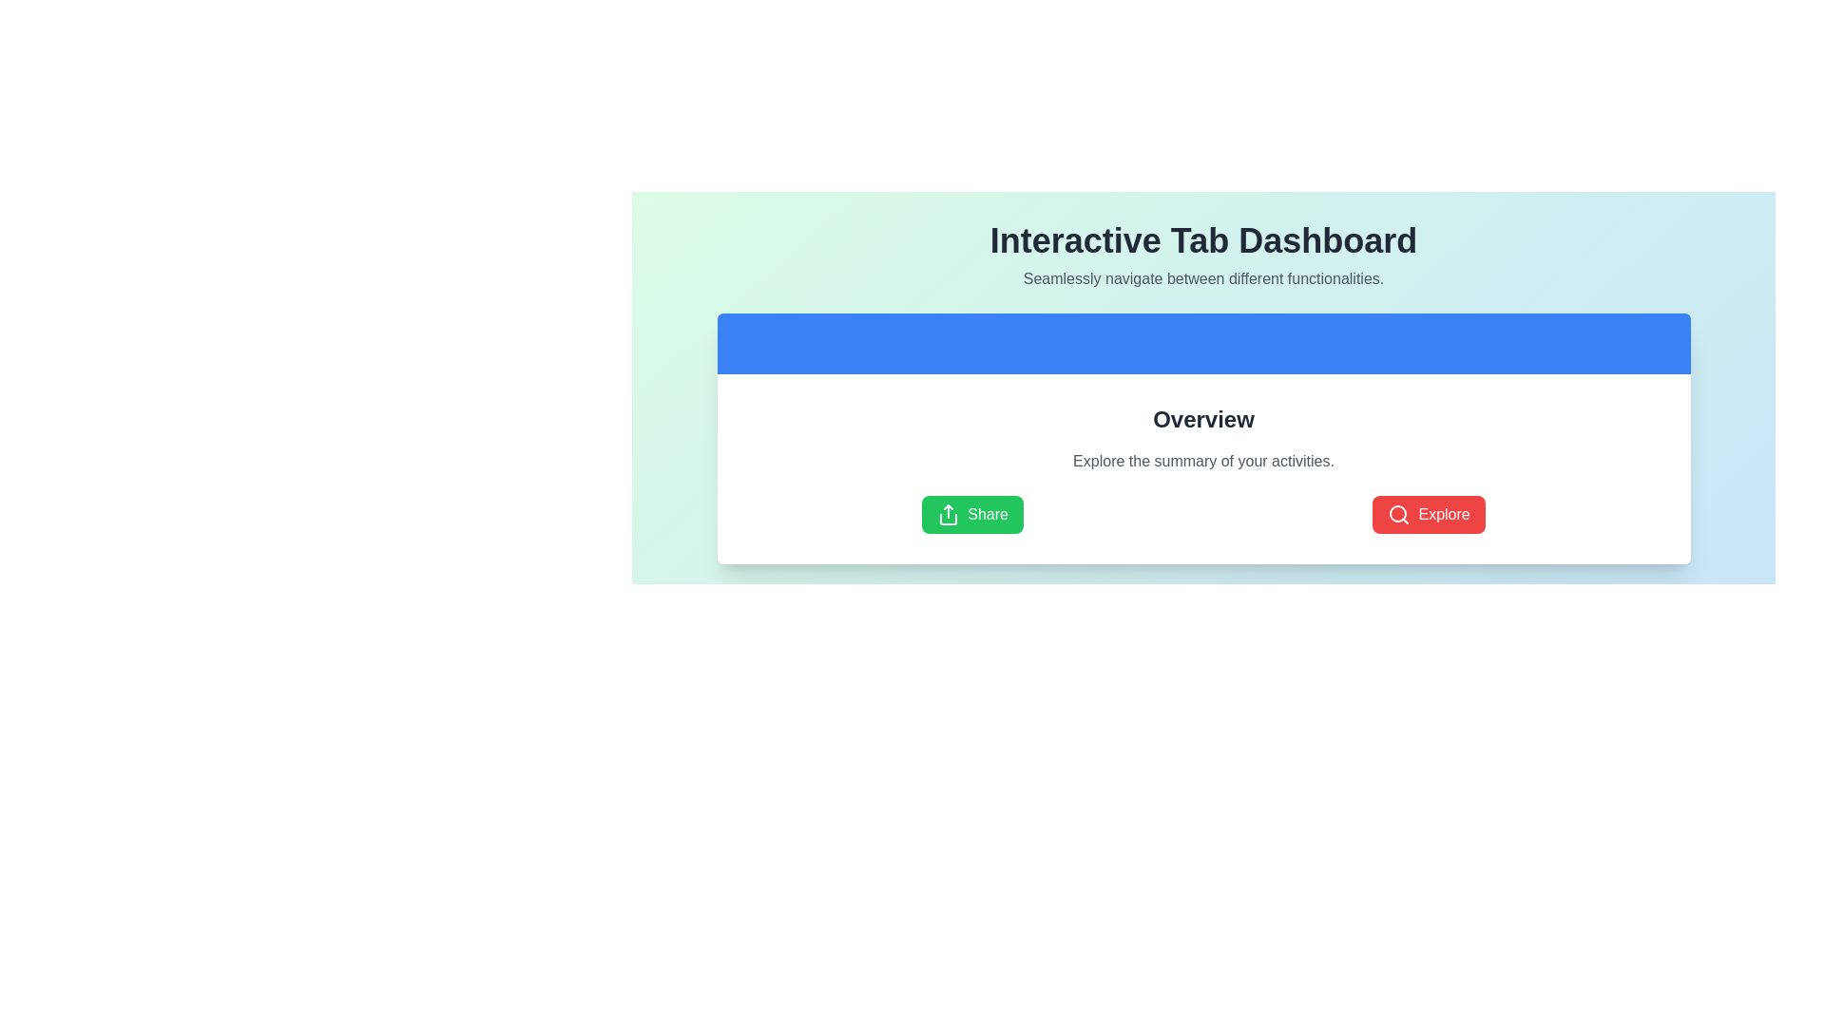 The height and width of the screenshot is (1026, 1825). Describe the element at coordinates (1399, 515) in the screenshot. I see `the magnifying glass icon located within the red 'Explore' button at the bottom right corner of the white card component in the 'Overview' section` at that location.